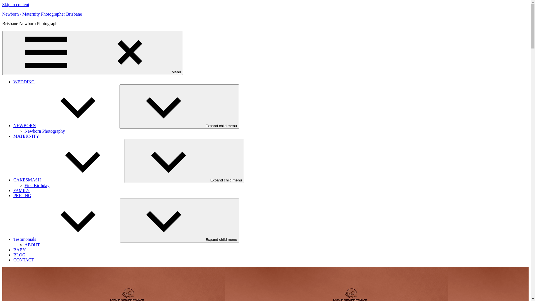 This screenshot has height=301, width=535. What do you see at coordinates (13, 260) in the screenshot?
I see `'CONTACT'` at bounding box center [13, 260].